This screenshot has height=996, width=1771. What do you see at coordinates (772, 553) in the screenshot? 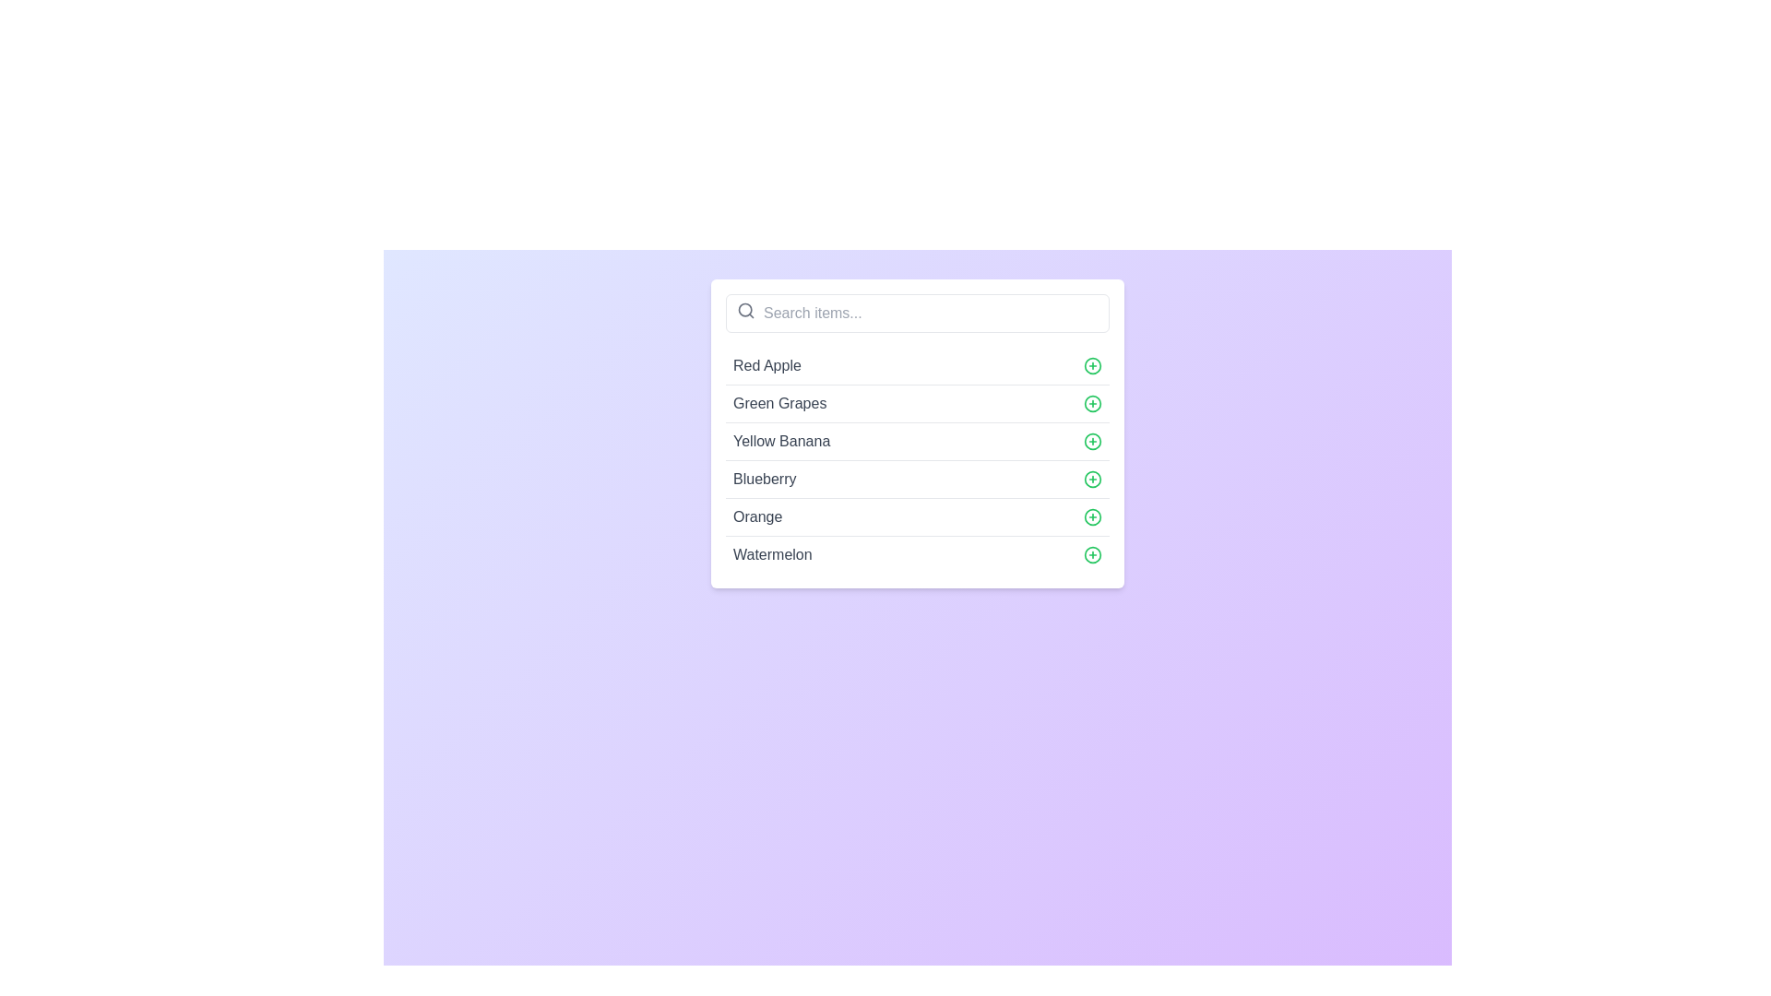
I see `the text label displaying 'Watermelon', which identifies it as part of a fruit list, located below 'Orange'` at bounding box center [772, 553].